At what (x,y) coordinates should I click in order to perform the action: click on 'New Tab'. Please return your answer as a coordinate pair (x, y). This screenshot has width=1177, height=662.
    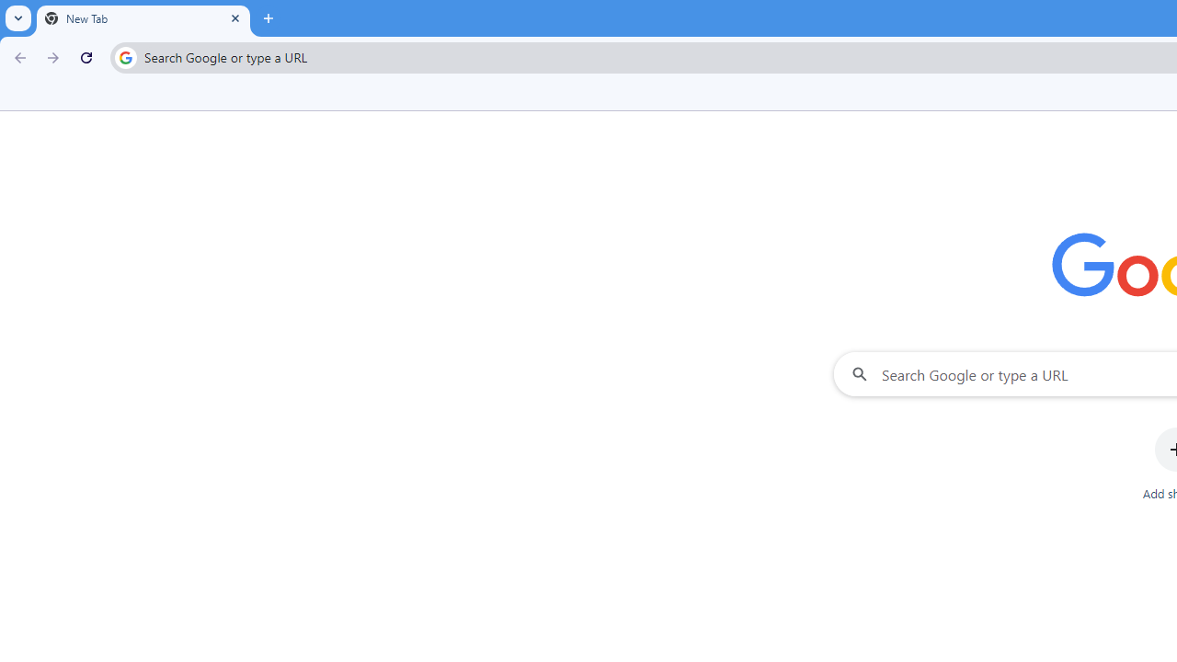
    Looking at the image, I should click on (143, 18).